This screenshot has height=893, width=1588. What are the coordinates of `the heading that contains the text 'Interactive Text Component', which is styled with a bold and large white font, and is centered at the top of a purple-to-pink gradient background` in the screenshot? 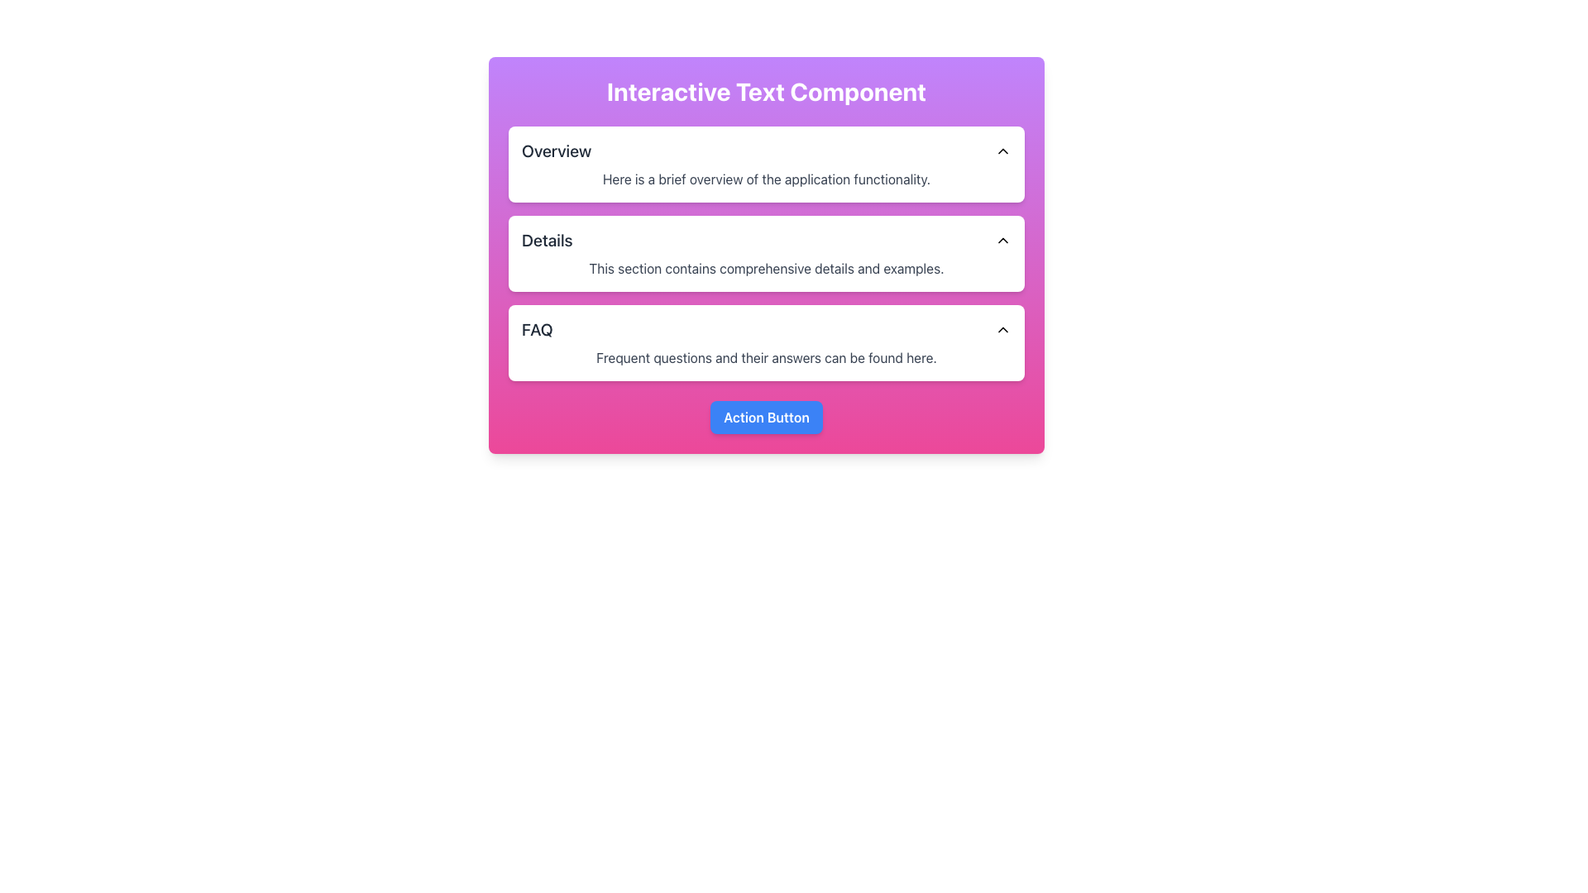 It's located at (765, 92).